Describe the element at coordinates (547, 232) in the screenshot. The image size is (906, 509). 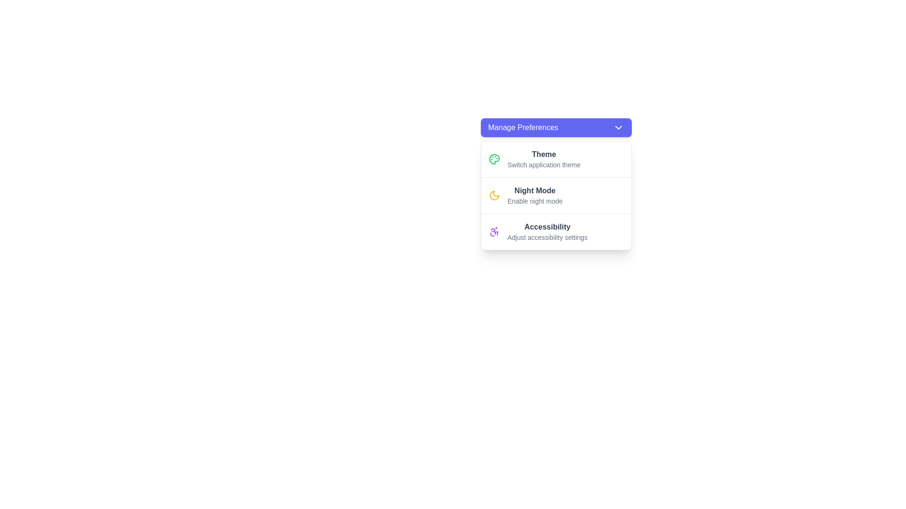
I see `the third item in the dropdown menu titled 'Manage Preferences', which includes an accessibility icon and text` at that location.